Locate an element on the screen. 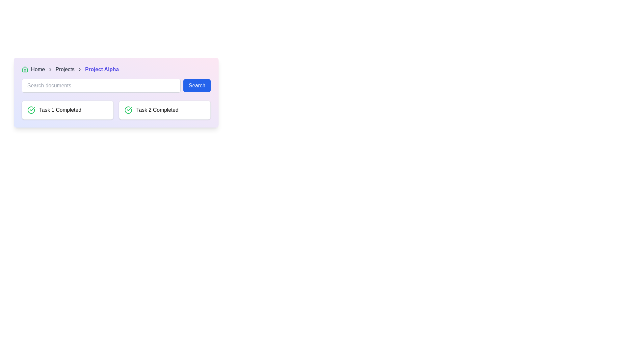 This screenshot has height=356, width=632. the circular green checkmark icon is located at coordinates (128, 110).